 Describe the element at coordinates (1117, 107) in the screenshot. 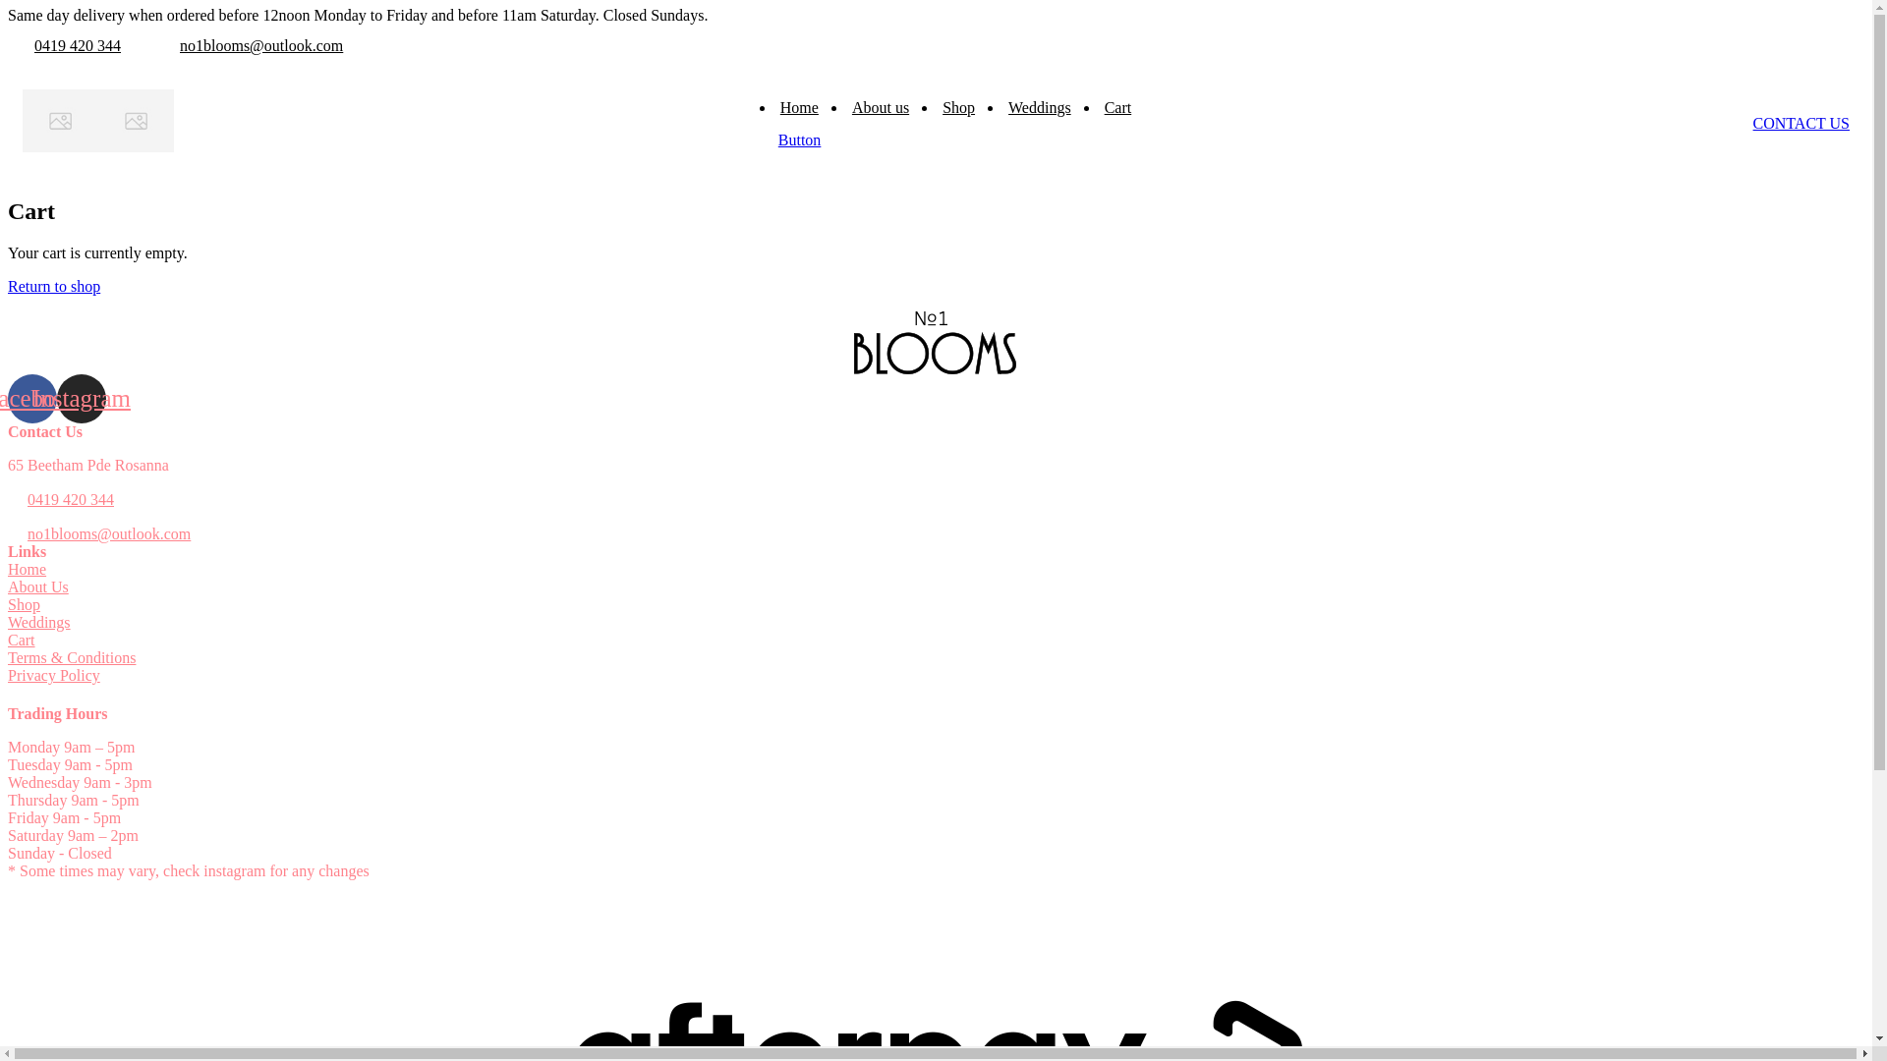

I see `'Cart'` at that location.